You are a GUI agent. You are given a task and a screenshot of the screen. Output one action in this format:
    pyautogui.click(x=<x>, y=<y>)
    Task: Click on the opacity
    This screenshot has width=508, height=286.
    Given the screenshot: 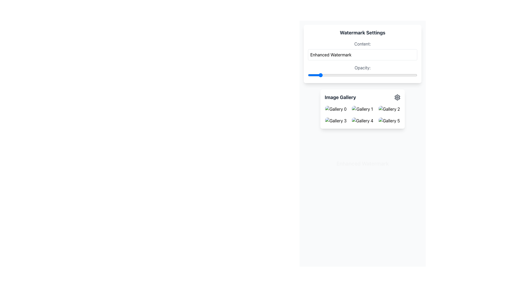 What is the action you would take?
    pyautogui.click(x=308, y=75)
    